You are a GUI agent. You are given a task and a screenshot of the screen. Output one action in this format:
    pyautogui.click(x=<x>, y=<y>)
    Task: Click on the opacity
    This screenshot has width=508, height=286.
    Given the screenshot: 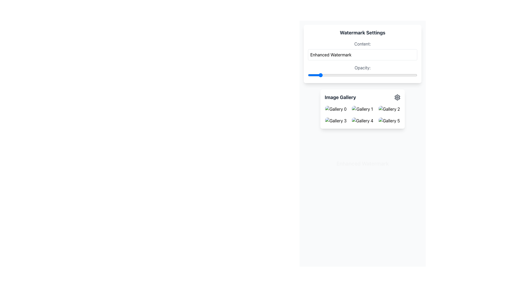 What is the action you would take?
    pyautogui.click(x=308, y=75)
    